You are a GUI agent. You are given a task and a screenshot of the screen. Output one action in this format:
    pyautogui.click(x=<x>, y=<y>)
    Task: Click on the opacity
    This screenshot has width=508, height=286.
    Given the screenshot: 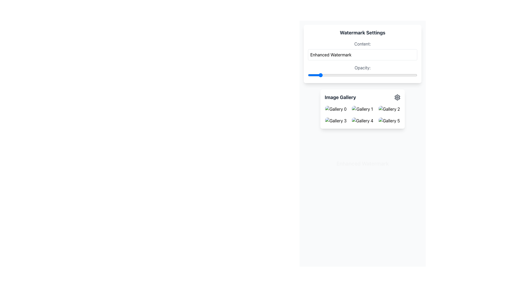 What is the action you would take?
    pyautogui.click(x=308, y=75)
    